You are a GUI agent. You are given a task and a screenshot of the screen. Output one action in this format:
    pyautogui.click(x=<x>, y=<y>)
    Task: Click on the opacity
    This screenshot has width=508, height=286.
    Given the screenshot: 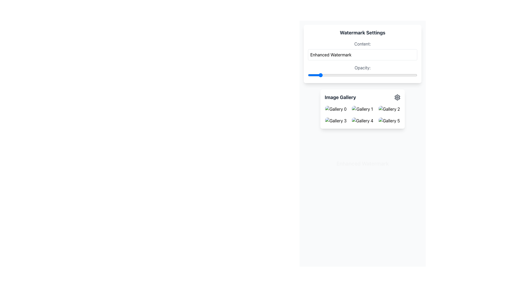 What is the action you would take?
    pyautogui.click(x=308, y=75)
    